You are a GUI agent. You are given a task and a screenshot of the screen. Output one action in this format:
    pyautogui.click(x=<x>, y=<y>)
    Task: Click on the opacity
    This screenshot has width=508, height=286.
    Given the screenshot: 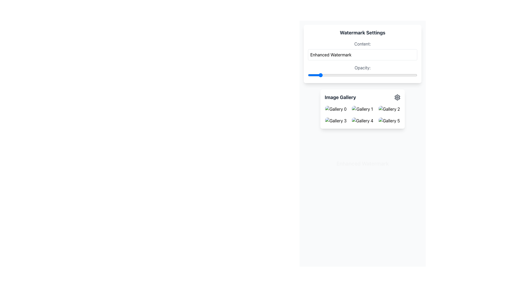 What is the action you would take?
    pyautogui.click(x=308, y=75)
    